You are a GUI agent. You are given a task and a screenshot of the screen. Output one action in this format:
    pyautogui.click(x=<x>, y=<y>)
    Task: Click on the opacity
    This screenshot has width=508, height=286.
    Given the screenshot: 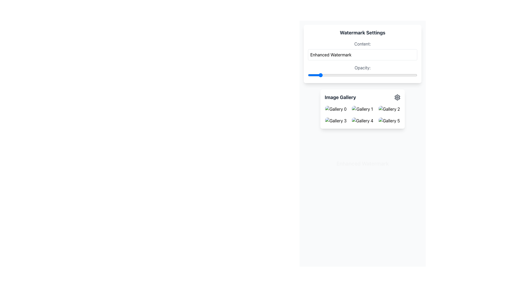 What is the action you would take?
    pyautogui.click(x=308, y=75)
    